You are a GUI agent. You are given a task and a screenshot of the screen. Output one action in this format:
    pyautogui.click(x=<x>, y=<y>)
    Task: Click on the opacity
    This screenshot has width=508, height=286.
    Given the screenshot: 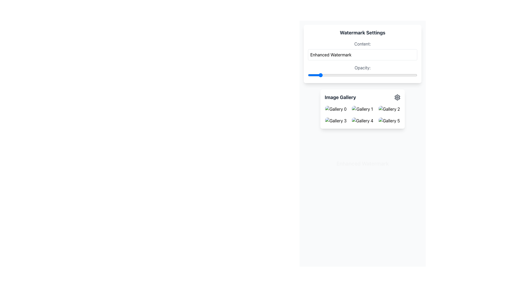 What is the action you would take?
    pyautogui.click(x=308, y=75)
    